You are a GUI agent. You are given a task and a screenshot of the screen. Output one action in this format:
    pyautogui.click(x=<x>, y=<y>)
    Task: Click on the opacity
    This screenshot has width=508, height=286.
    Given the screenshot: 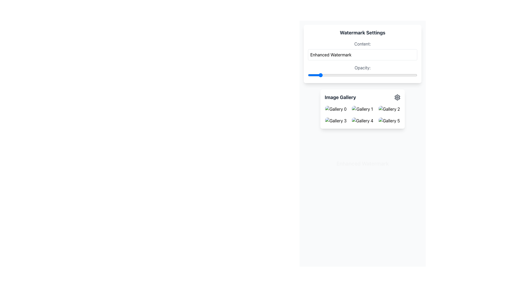 What is the action you would take?
    pyautogui.click(x=308, y=75)
    